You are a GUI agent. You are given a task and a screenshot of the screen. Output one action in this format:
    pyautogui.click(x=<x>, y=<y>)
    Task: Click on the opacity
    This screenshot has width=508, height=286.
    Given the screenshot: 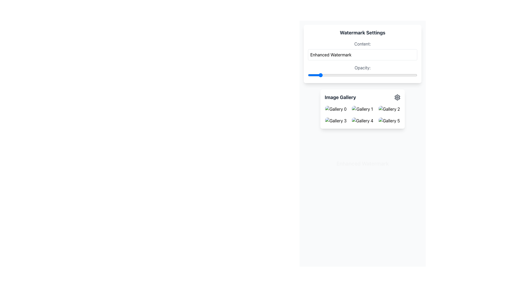 What is the action you would take?
    pyautogui.click(x=308, y=75)
    